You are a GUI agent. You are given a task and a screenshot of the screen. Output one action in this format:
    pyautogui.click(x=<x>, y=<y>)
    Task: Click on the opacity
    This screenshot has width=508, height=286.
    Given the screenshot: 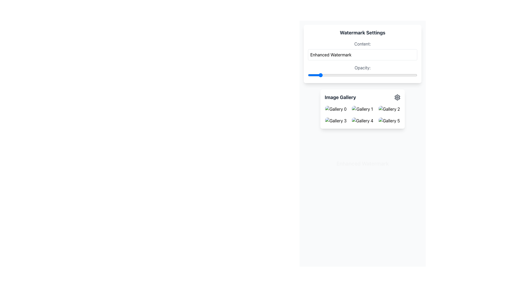 What is the action you would take?
    pyautogui.click(x=308, y=75)
    